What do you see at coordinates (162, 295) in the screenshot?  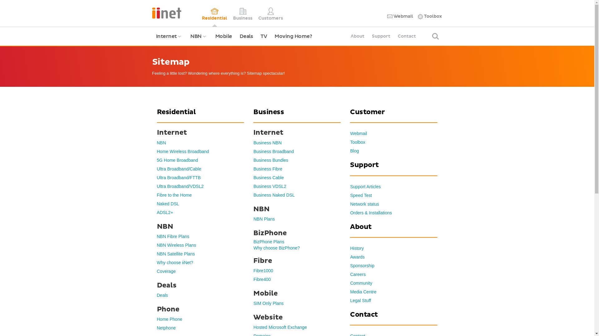 I see `'Deals'` at bounding box center [162, 295].